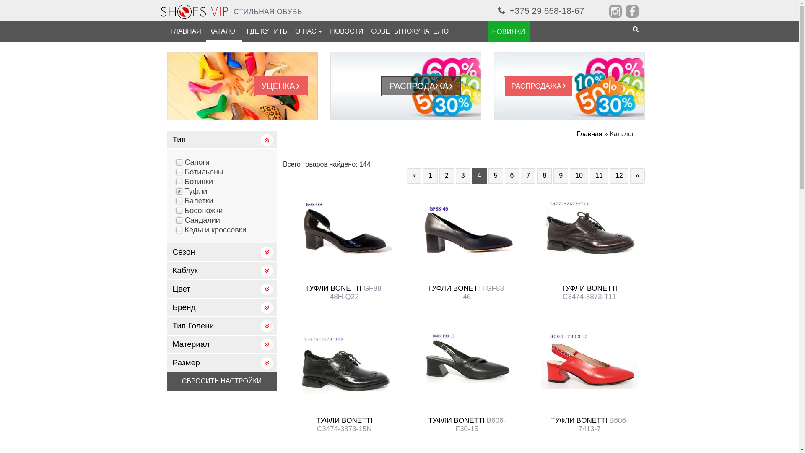  Describe the element at coordinates (527, 175) in the screenshot. I see `'7'` at that location.